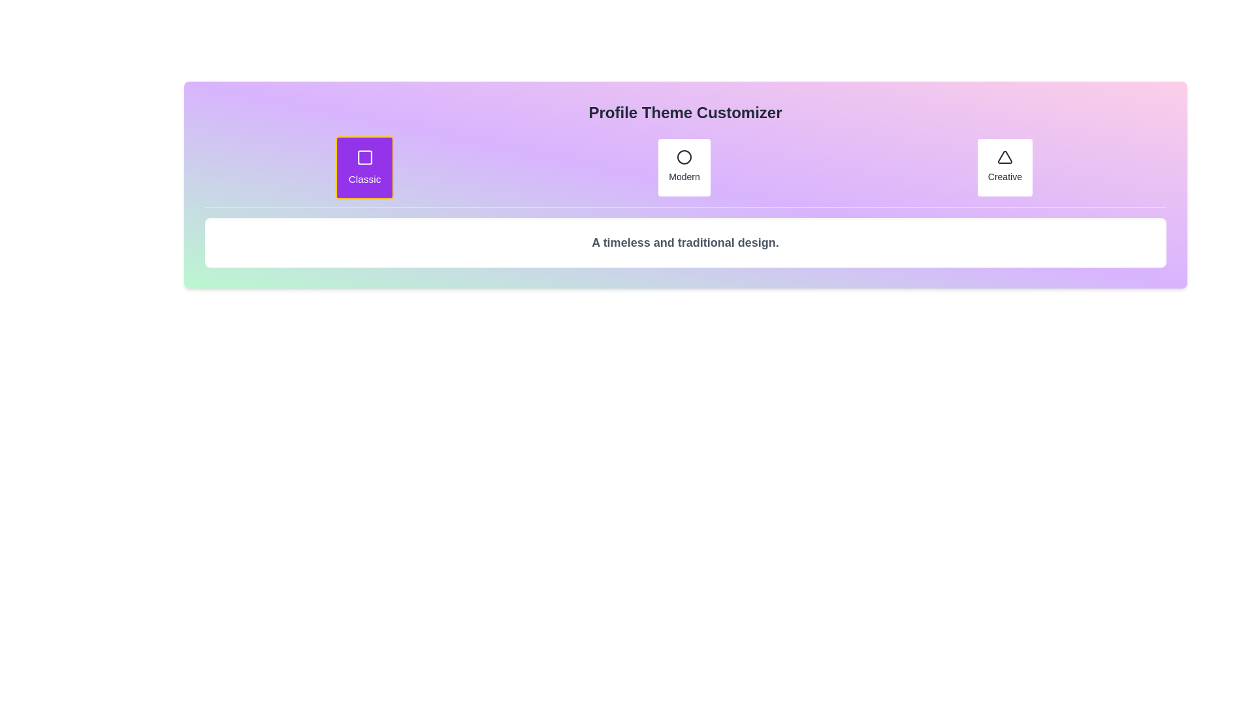 The height and width of the screenshot is (705, 1254). Describe the element at coordinates (1004, 167) in the screenshot. I see `the 'Creative' button in the top-right corner` at that location.